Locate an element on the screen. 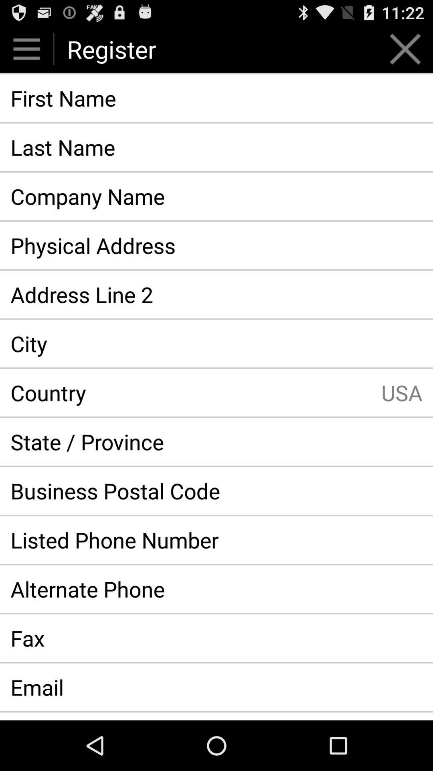 The width and height of the screenshot is (433, 771). the close icon is located at coordinates (405, 52).